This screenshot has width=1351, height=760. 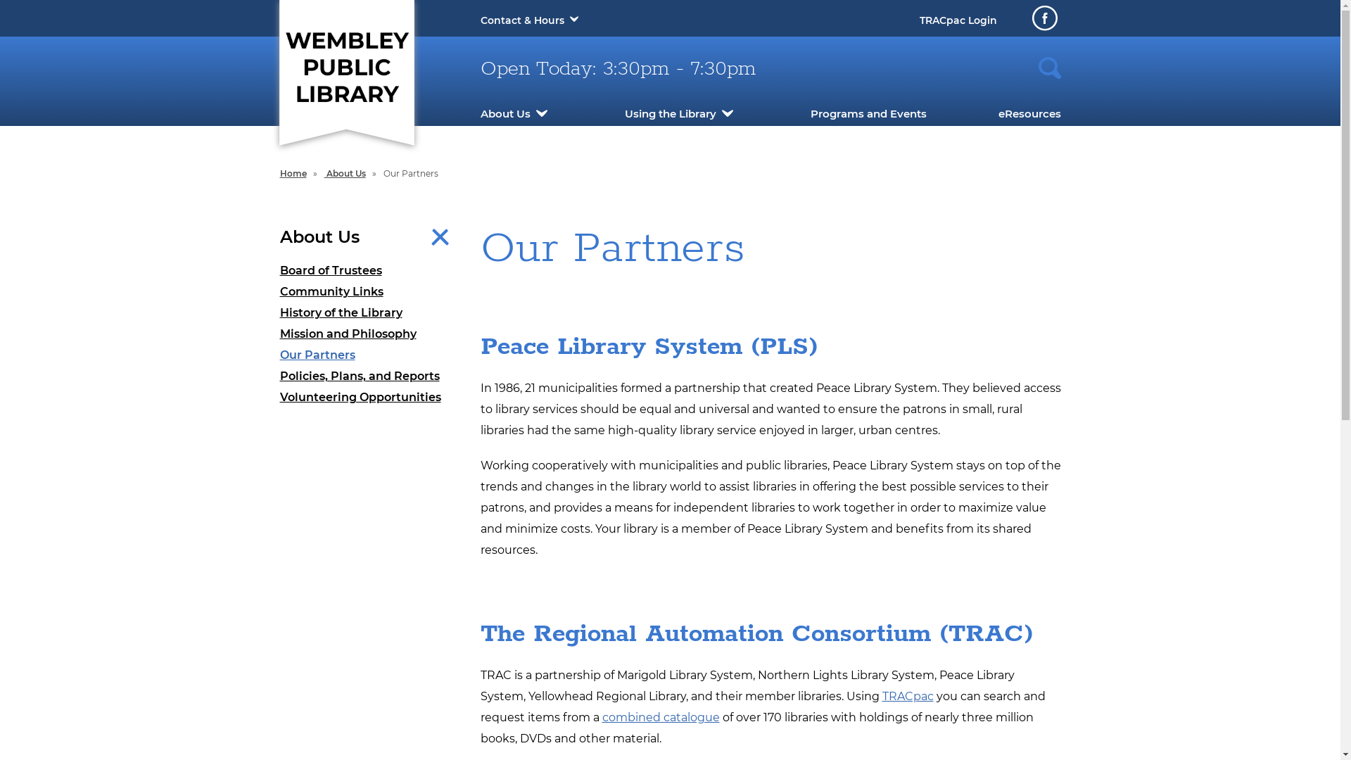 What do you see at coordinates (345, 65) in the screenshot?
I see `'Wembley Public Library'` at bounding box center [345, 65].